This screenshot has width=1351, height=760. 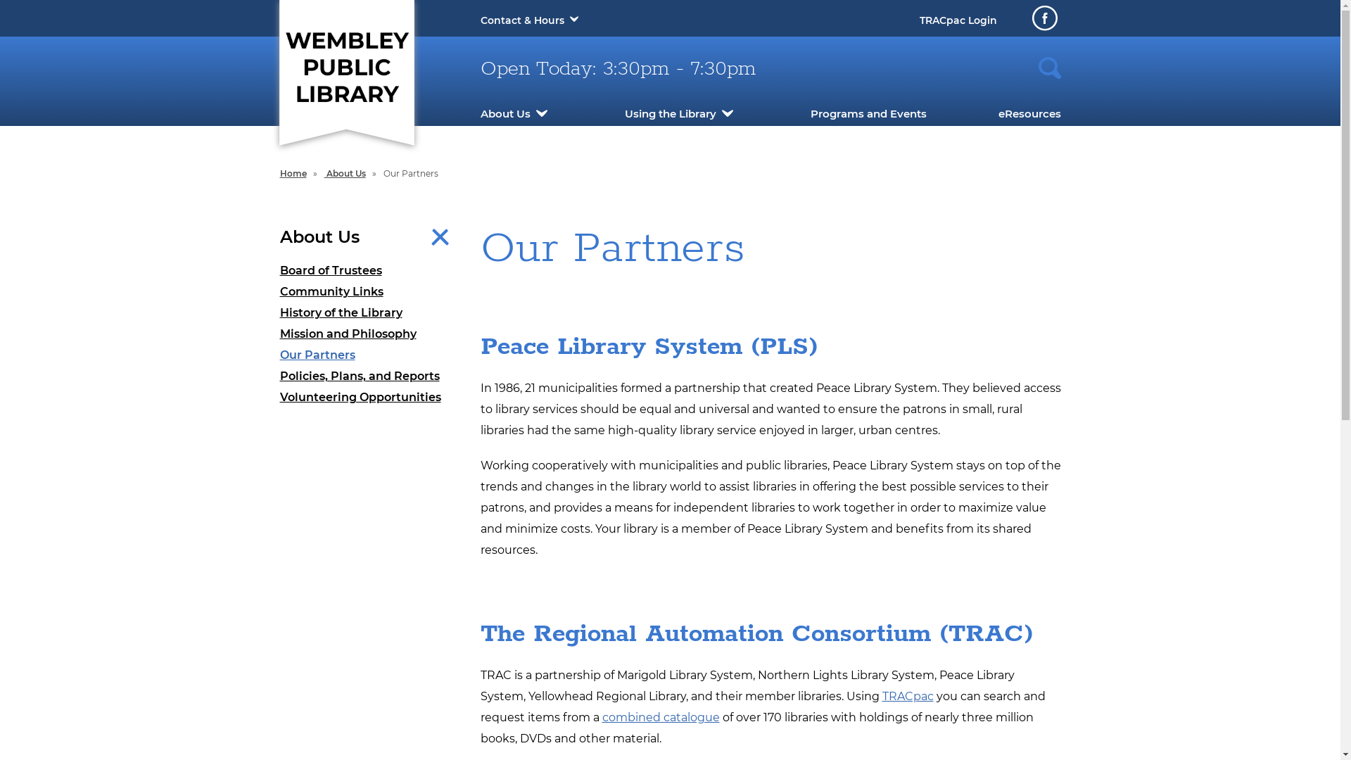 What do you see at coordinates (345, 65) in the screenshot?
I see `'Wembley Public Library'` at bounding box center [345, 65].